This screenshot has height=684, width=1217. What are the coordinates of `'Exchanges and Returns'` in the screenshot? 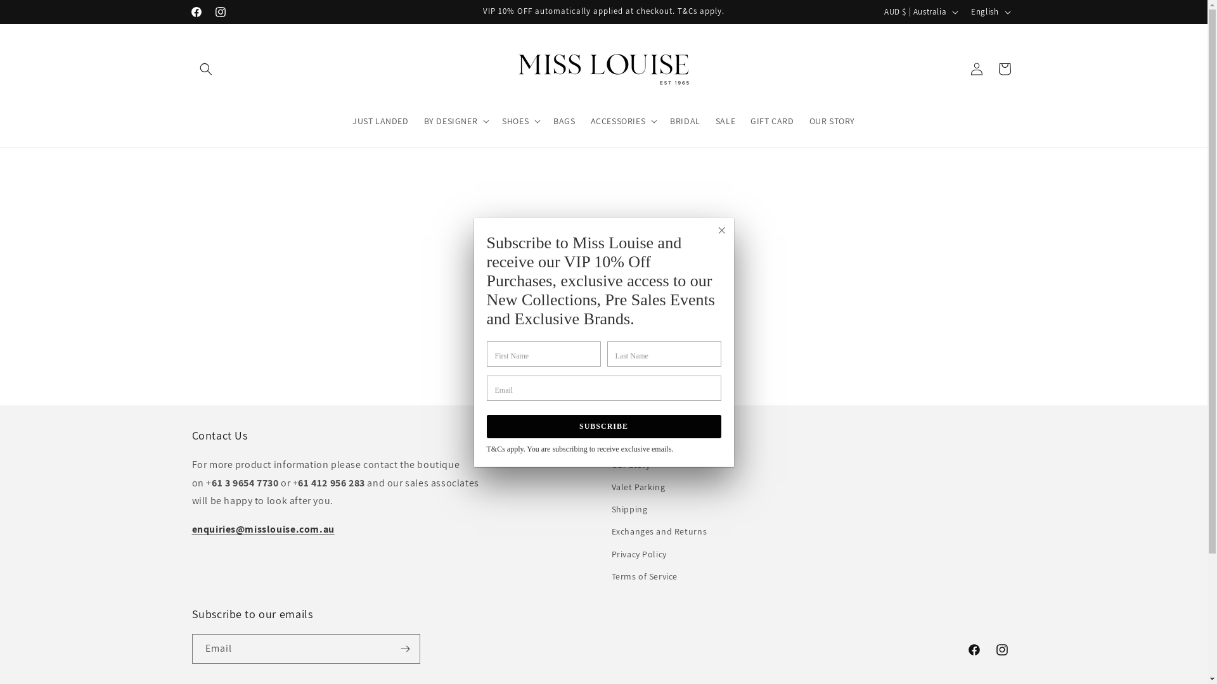 It's located at (659, 531).